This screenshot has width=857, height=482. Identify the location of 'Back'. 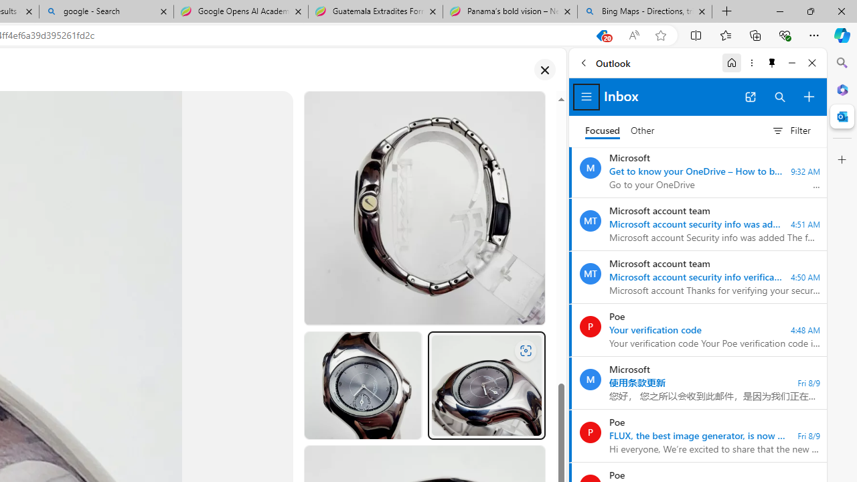
(583, 62).